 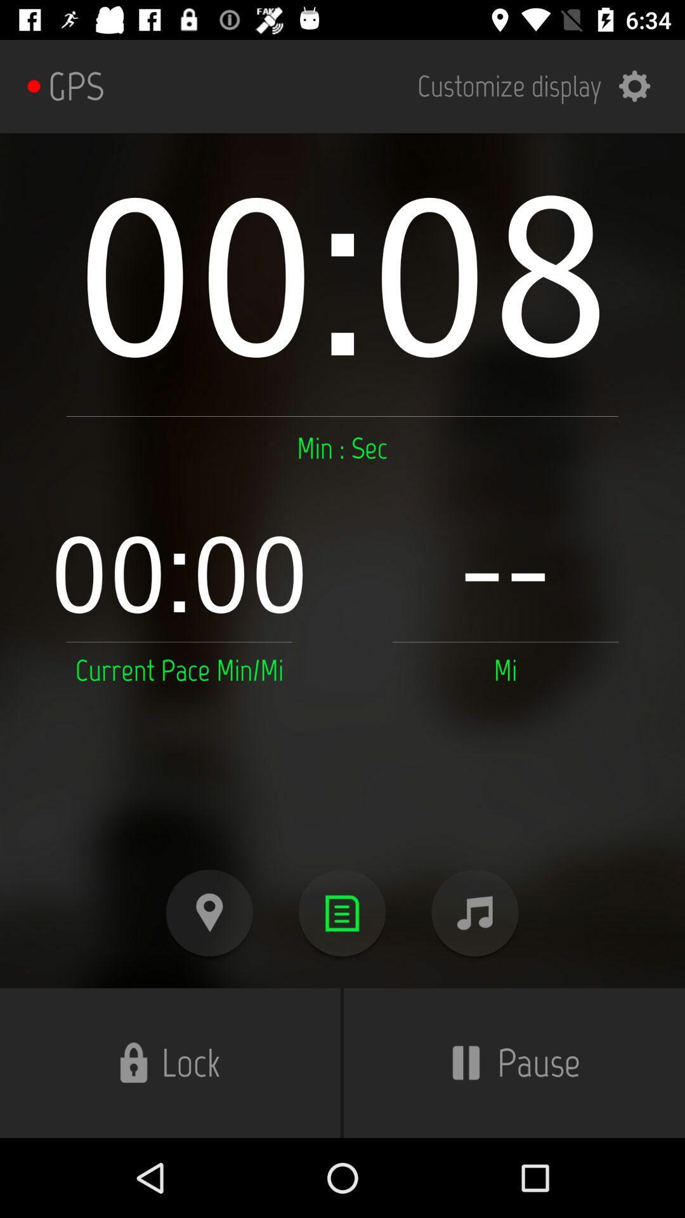 I want to click on music, so click(x=474, y=912).